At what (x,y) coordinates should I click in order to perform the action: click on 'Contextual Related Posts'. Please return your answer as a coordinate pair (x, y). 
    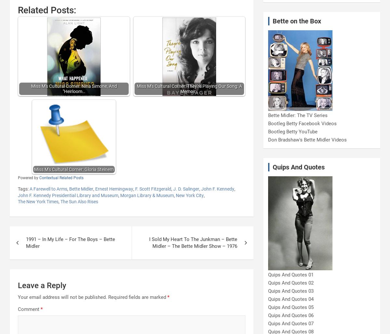
    Looking at the image, I should click on (61, 177).